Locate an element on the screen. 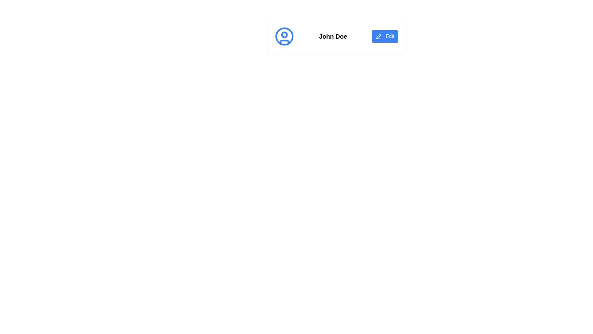  the edit button located to the right of the text 'John Doe' is located at coordinates (385, 36).